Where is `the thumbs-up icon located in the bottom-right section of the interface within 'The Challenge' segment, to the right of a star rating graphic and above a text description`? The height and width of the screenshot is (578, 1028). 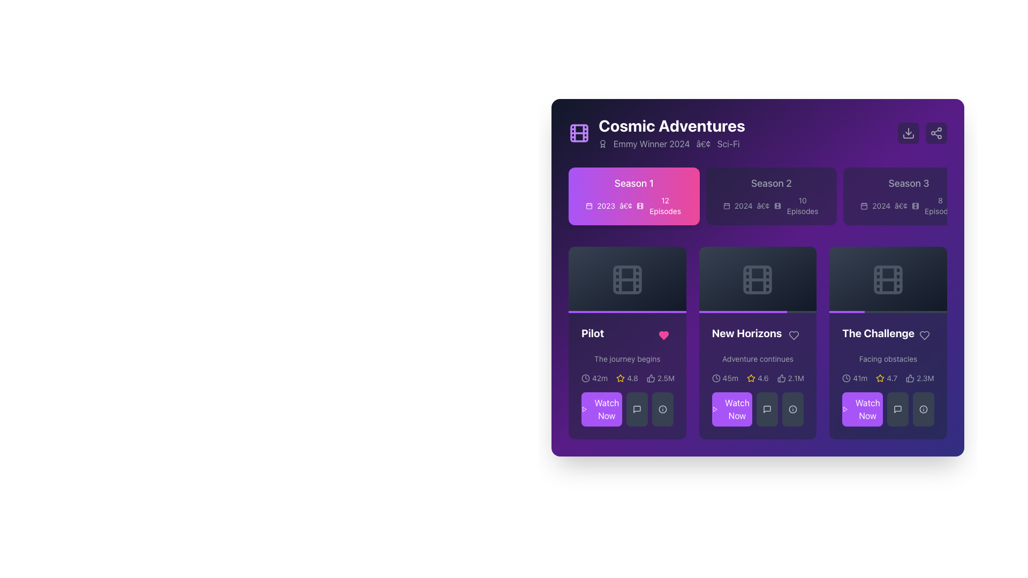 the thumbs-up icon located in the bottom-right section of the interface within 'The Challenge' segment, to the right of a star rating graphic and above a text description is located at coordinates (910, 377).